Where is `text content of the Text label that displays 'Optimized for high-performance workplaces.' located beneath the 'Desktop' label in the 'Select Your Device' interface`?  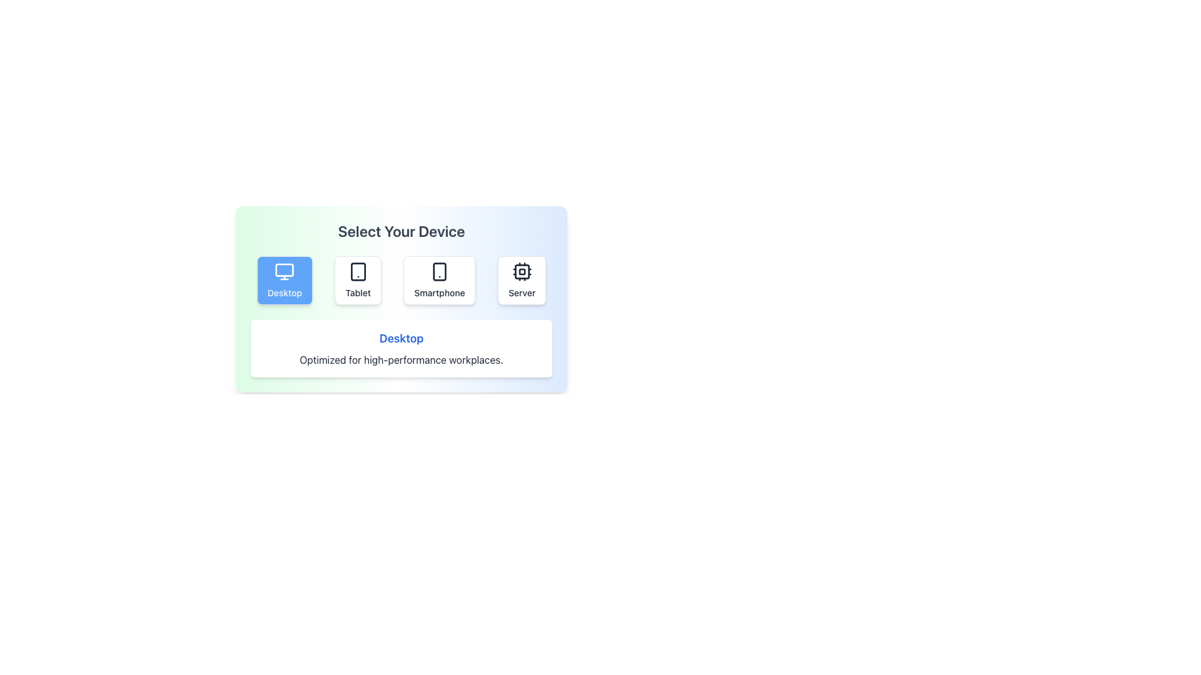
text content of the Text label that displays 'Optimized for high-performance workplaces.' located beneath the 'Desktop' label in the 'Select Your Device' interface is located at coordinates (402, 359).